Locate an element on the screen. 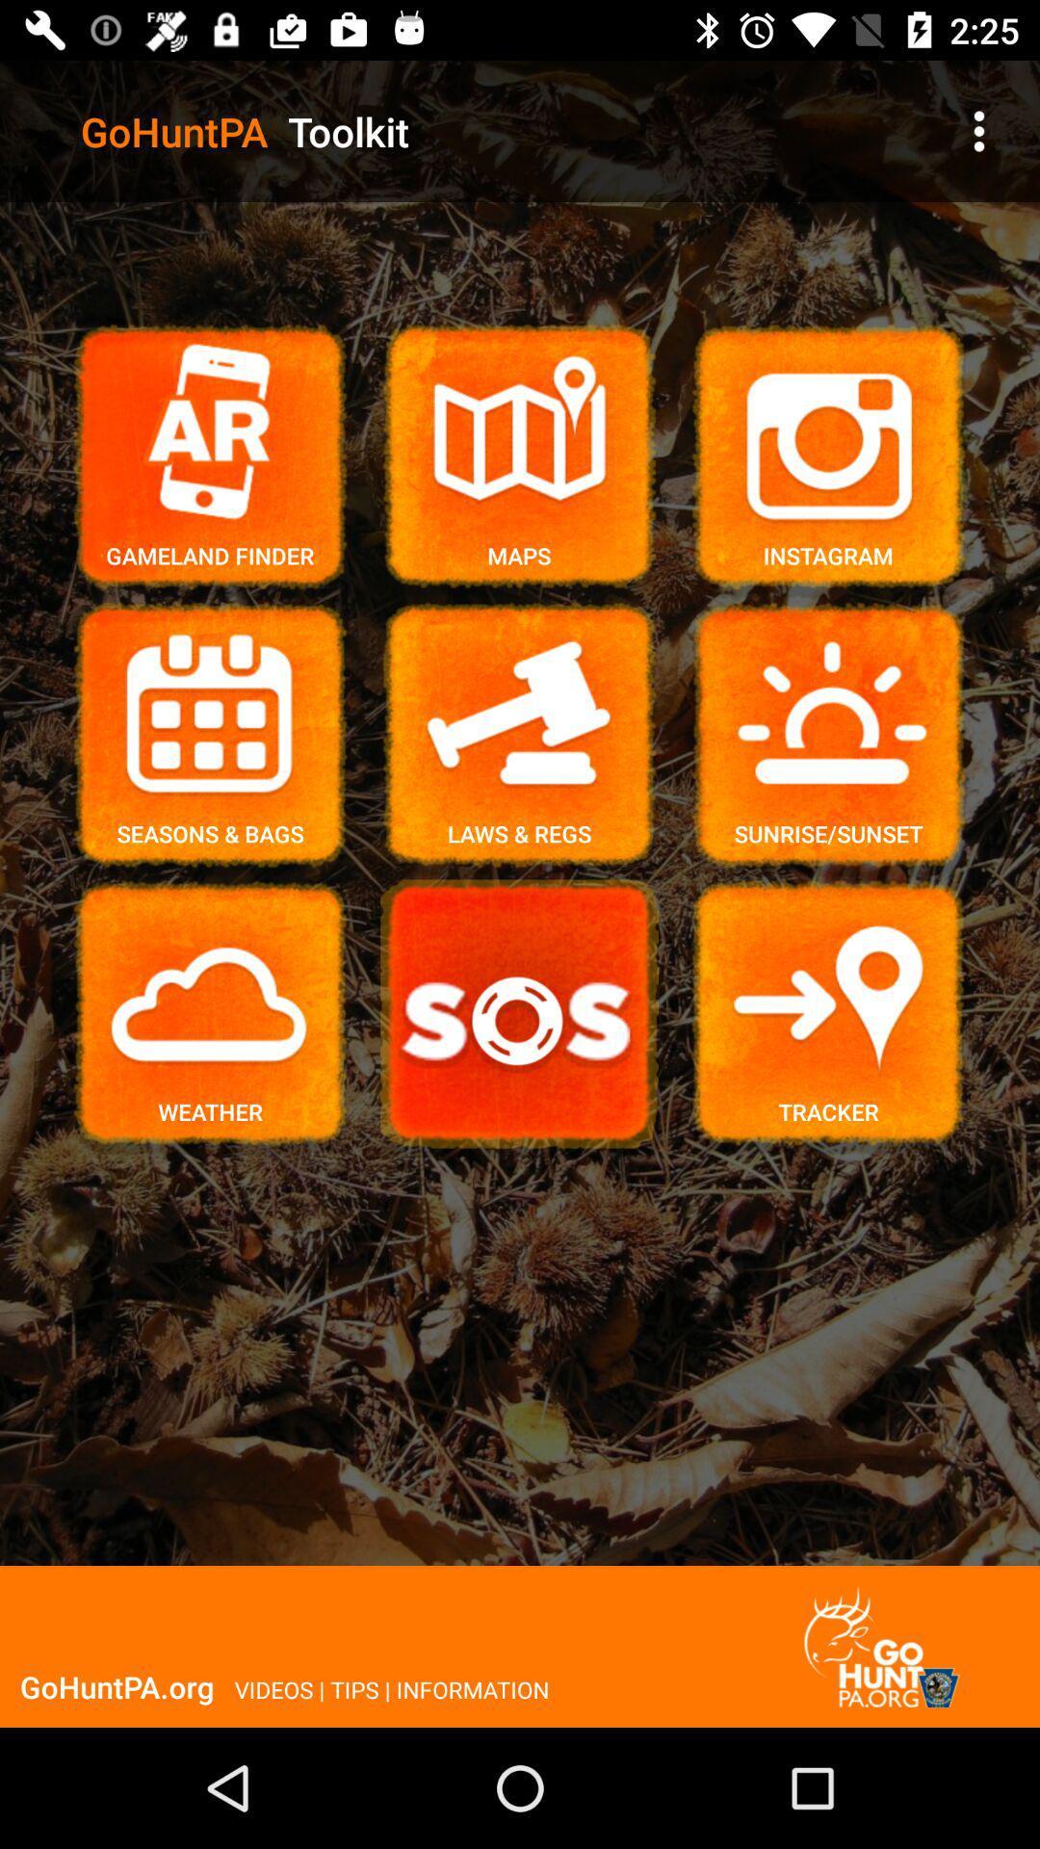 The width and height of the screenshot is (1040, 1849). the item to the right of toolkit icon is located at coordinates (979, 130).